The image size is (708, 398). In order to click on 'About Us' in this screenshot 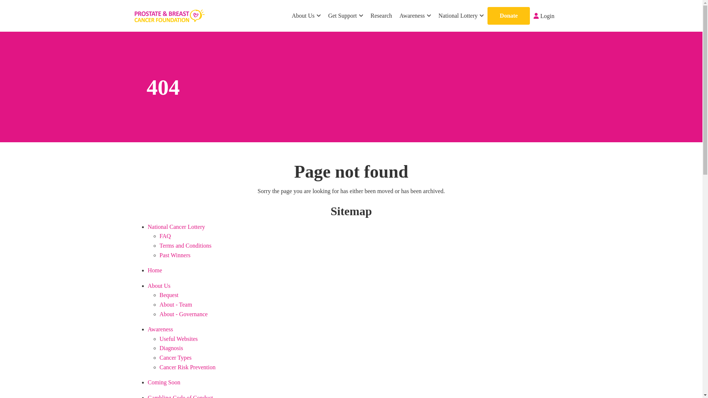, I will do `click(159, 285)`.